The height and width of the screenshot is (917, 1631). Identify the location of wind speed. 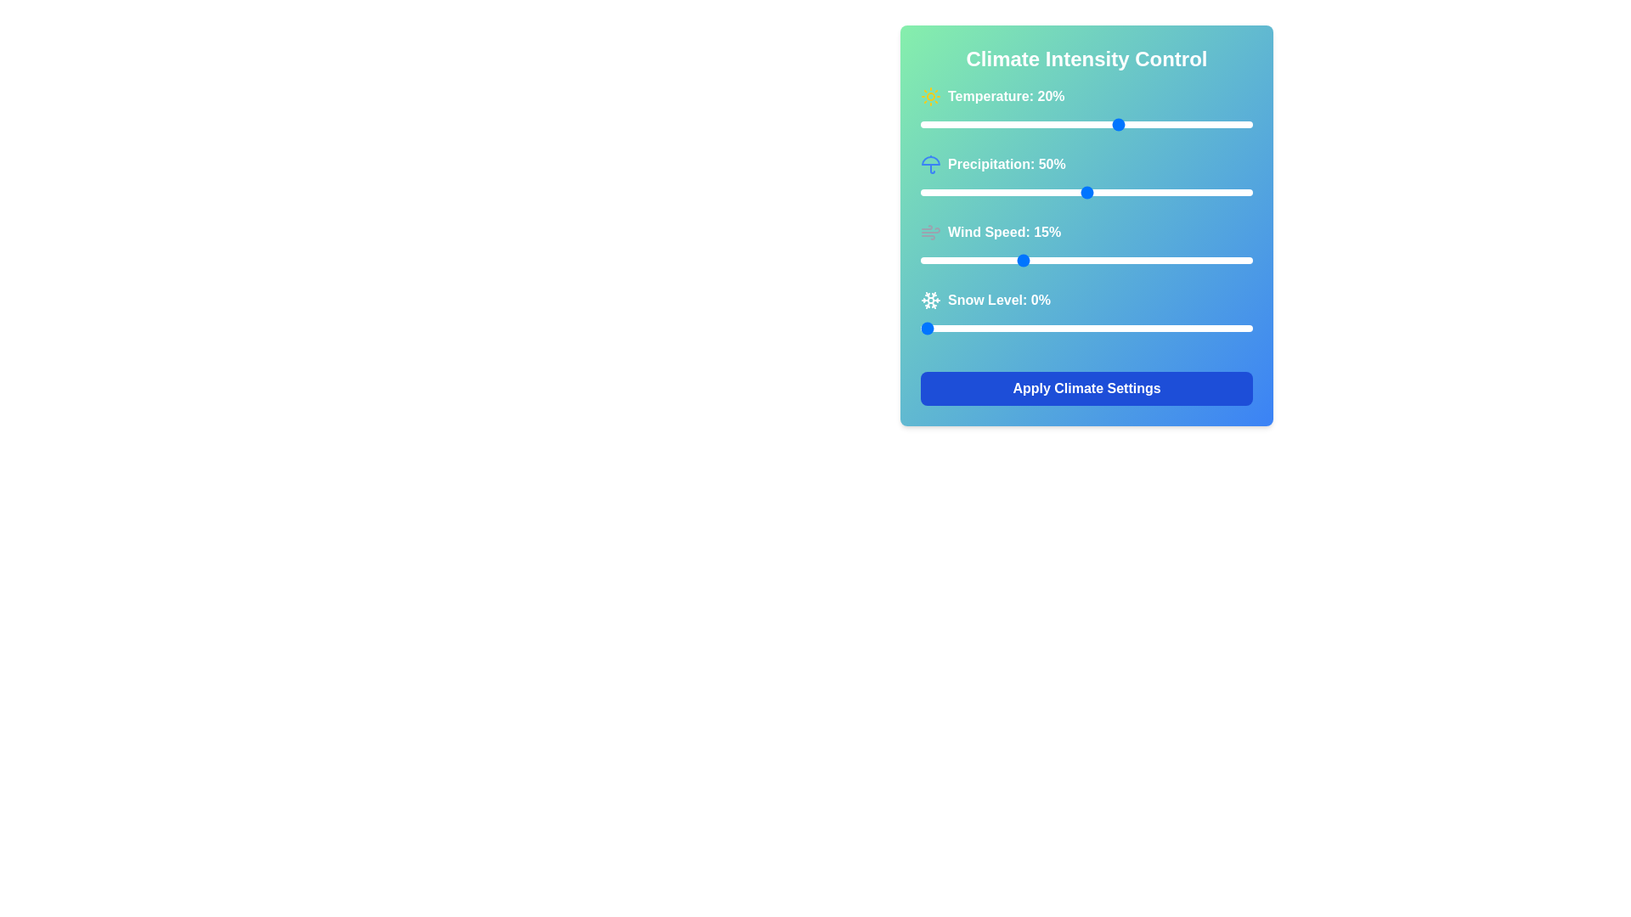
(1126, 261).